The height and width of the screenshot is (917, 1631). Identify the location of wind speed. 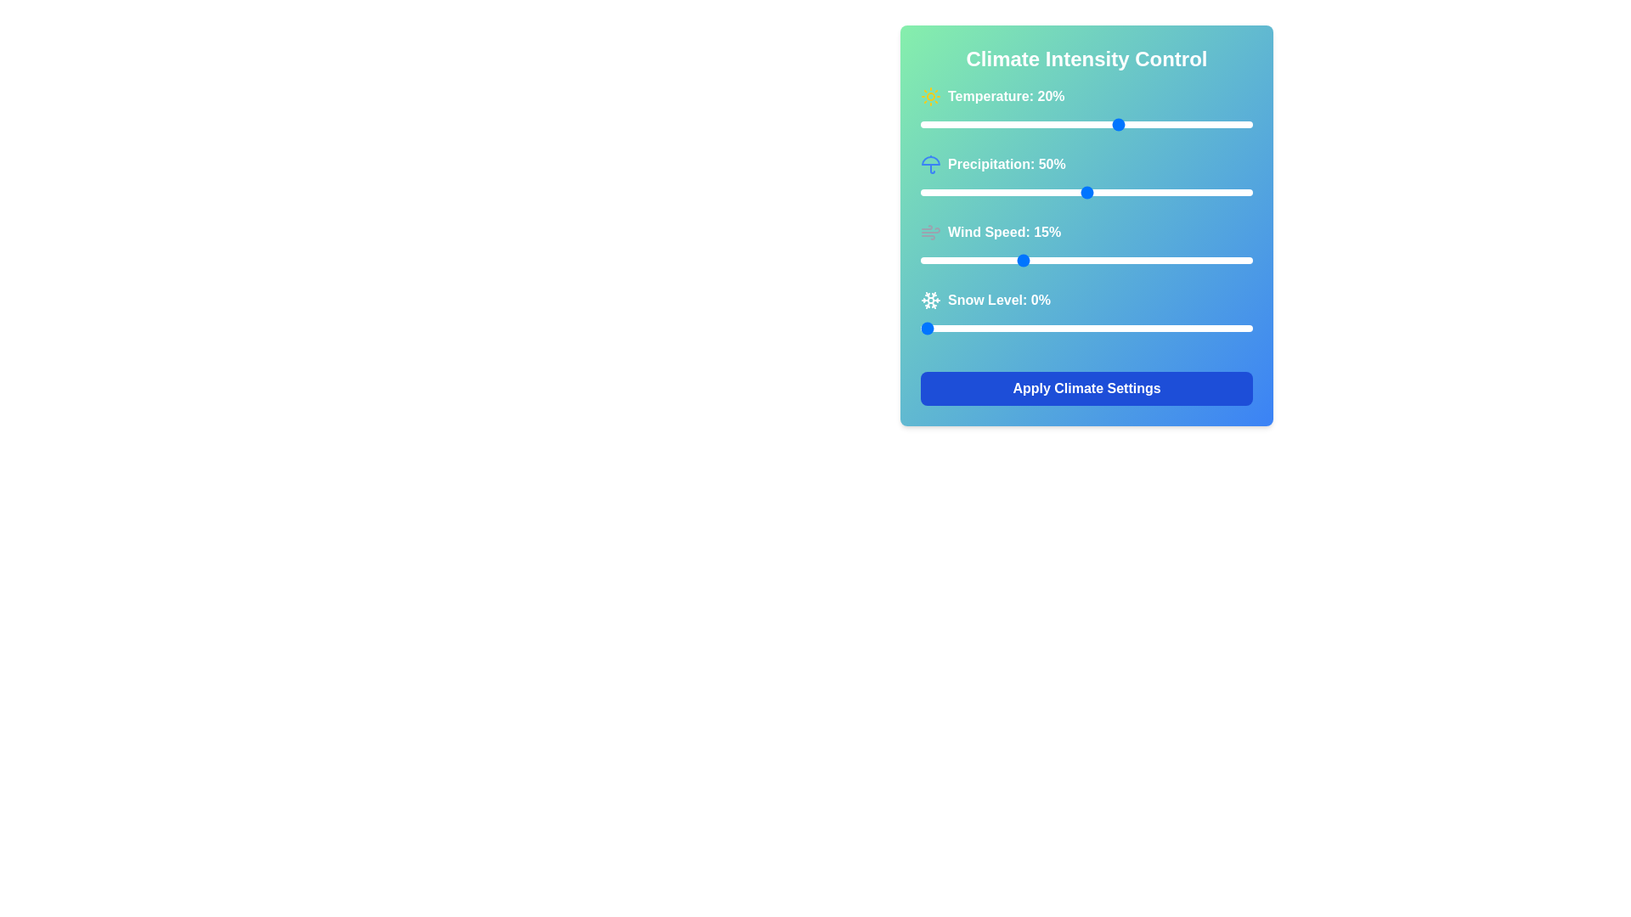
(1126, 261).